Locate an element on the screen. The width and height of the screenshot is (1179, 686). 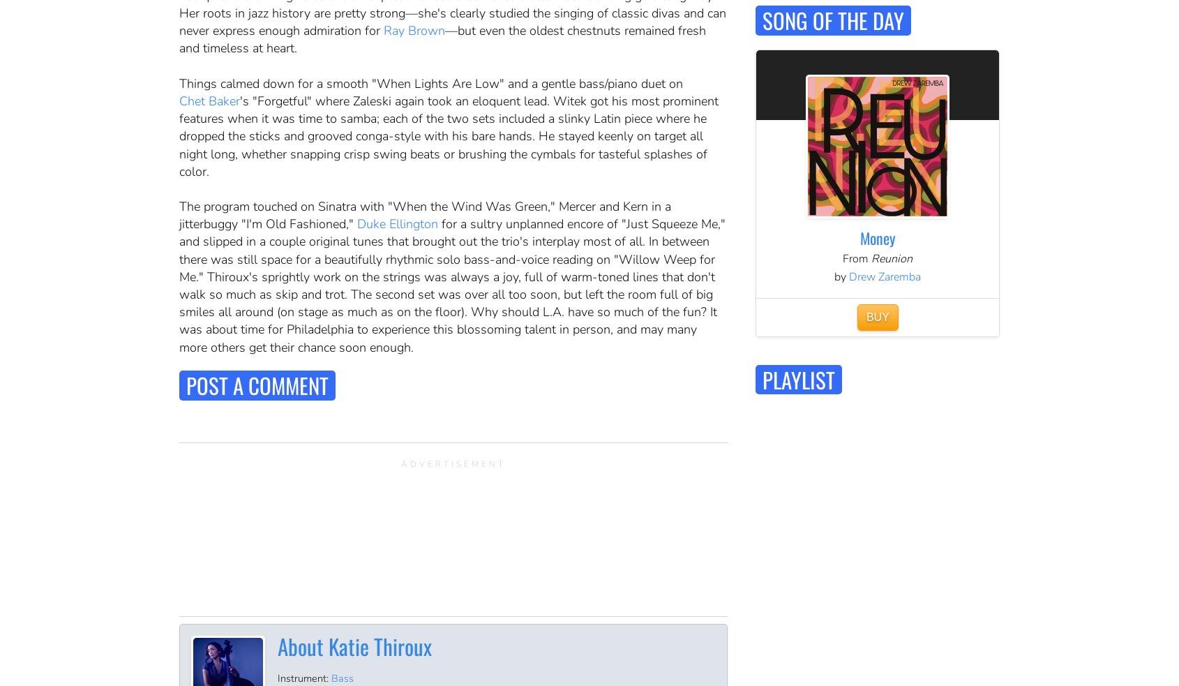
'Chet Baker' is located at coordinates (179, 100).